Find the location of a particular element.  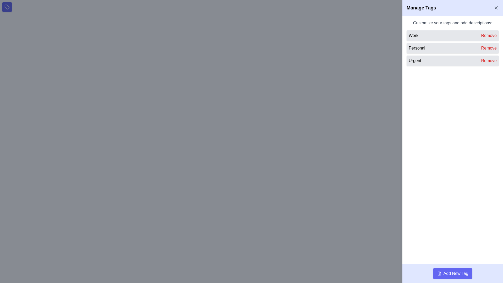

the diagonal line of the close button in the top-right corner of the 'Manage Tags' interface is located at coordinates (496, 8).